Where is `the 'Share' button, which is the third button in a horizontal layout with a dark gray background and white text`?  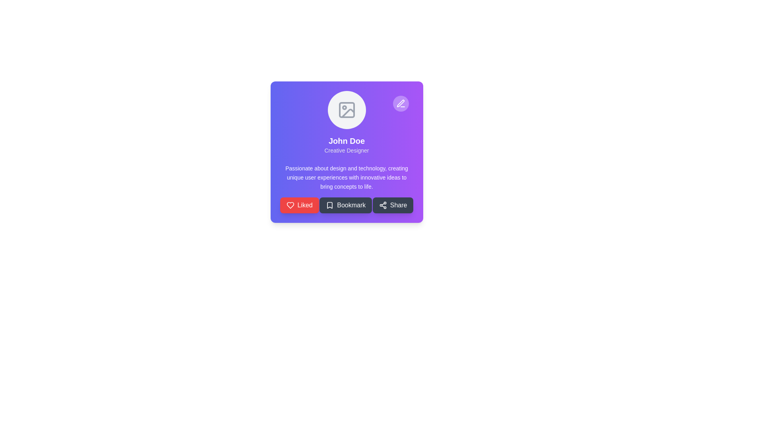
the 'Share' button, which is the third button in a horizontal layout with a dark gray background and white text is located at coordinates (393, 205).